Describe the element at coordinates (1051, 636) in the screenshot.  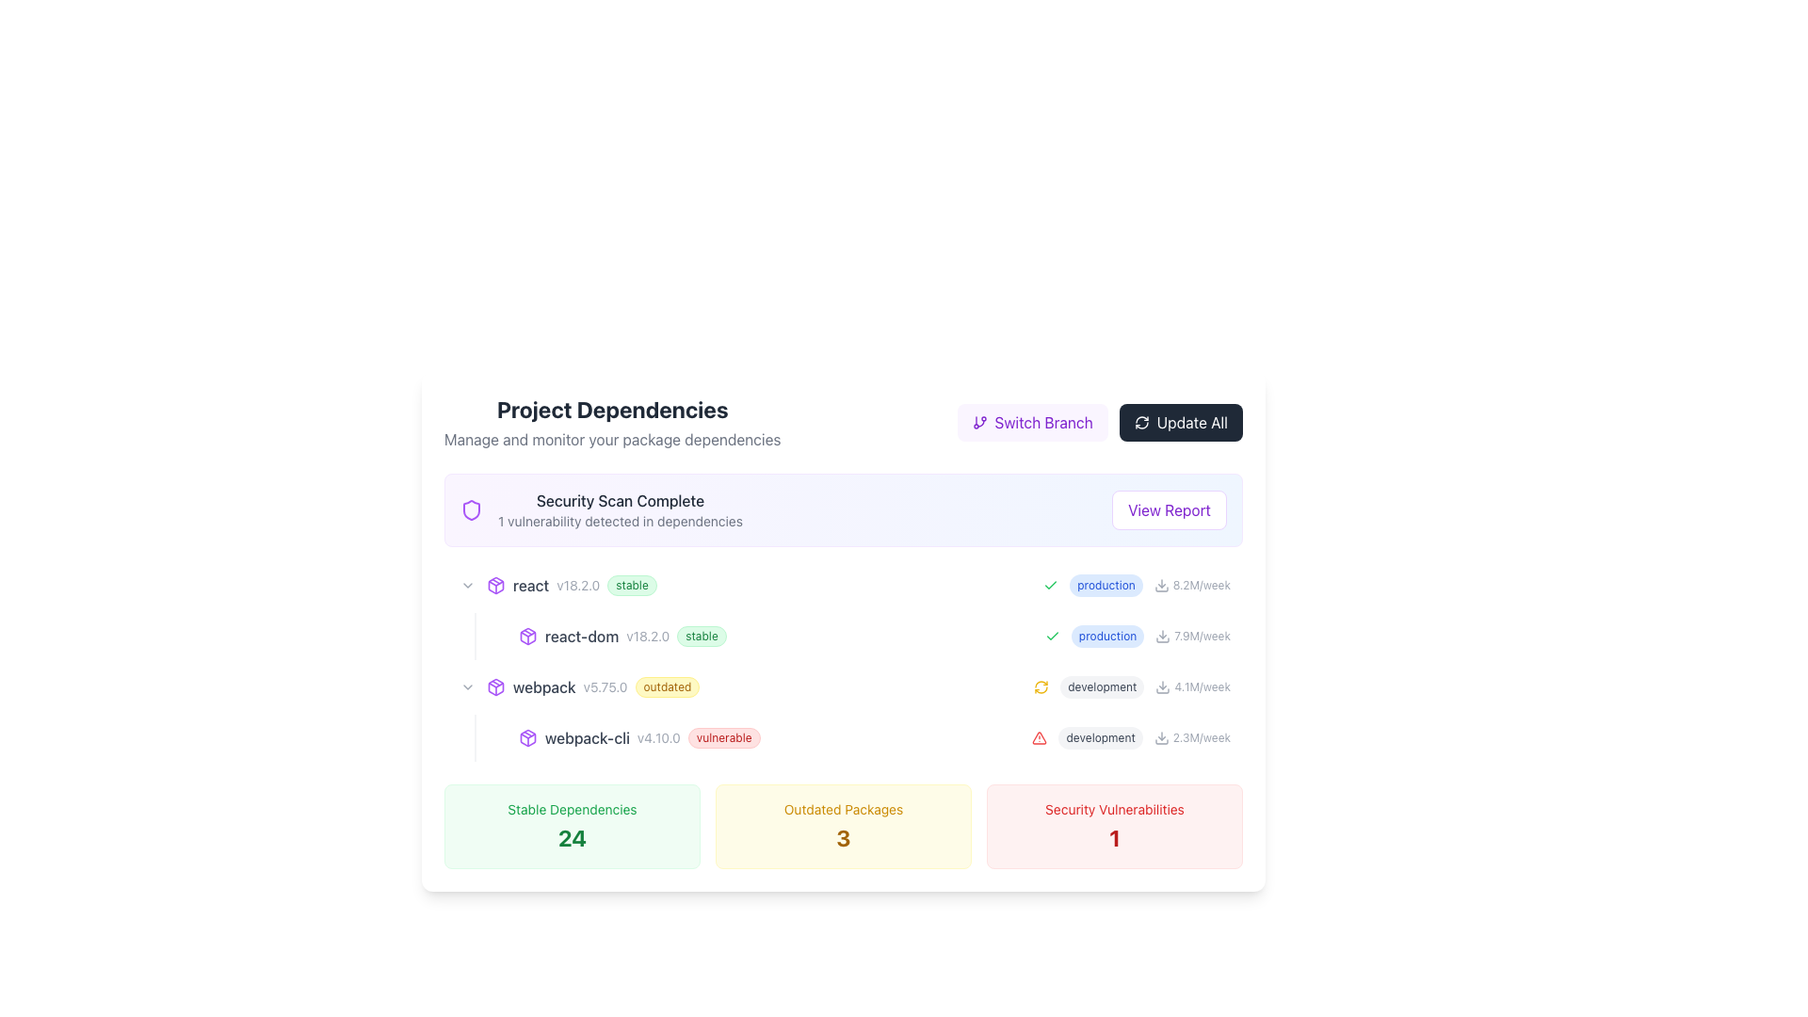
I see `the positive status icon located on the left side of the text 'production' within the row containing '7.9M/week'. This icon is the first element in that grouping` at that location.